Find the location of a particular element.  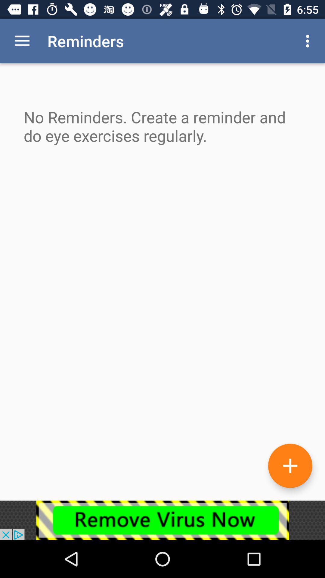

new eminder is located at coordinates (290, 465).